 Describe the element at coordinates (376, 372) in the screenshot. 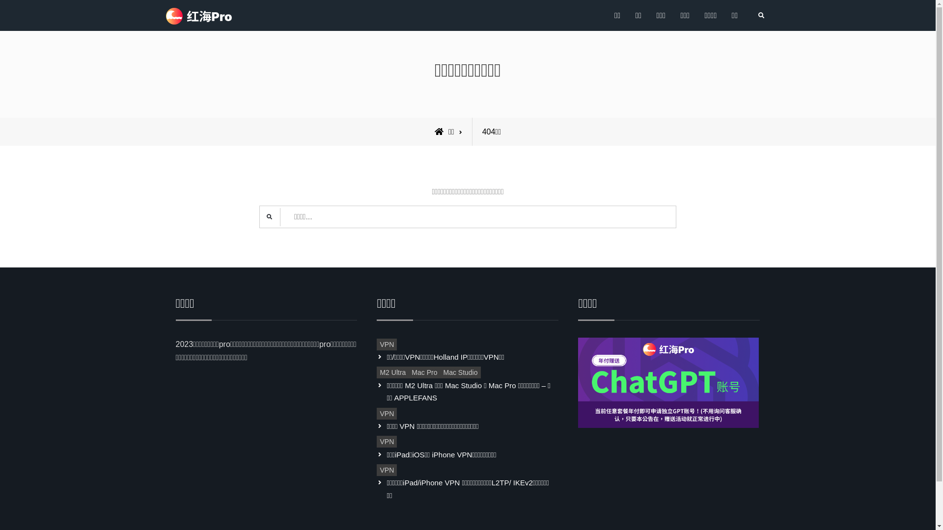

I see `'M2 Ultra'` at that location.